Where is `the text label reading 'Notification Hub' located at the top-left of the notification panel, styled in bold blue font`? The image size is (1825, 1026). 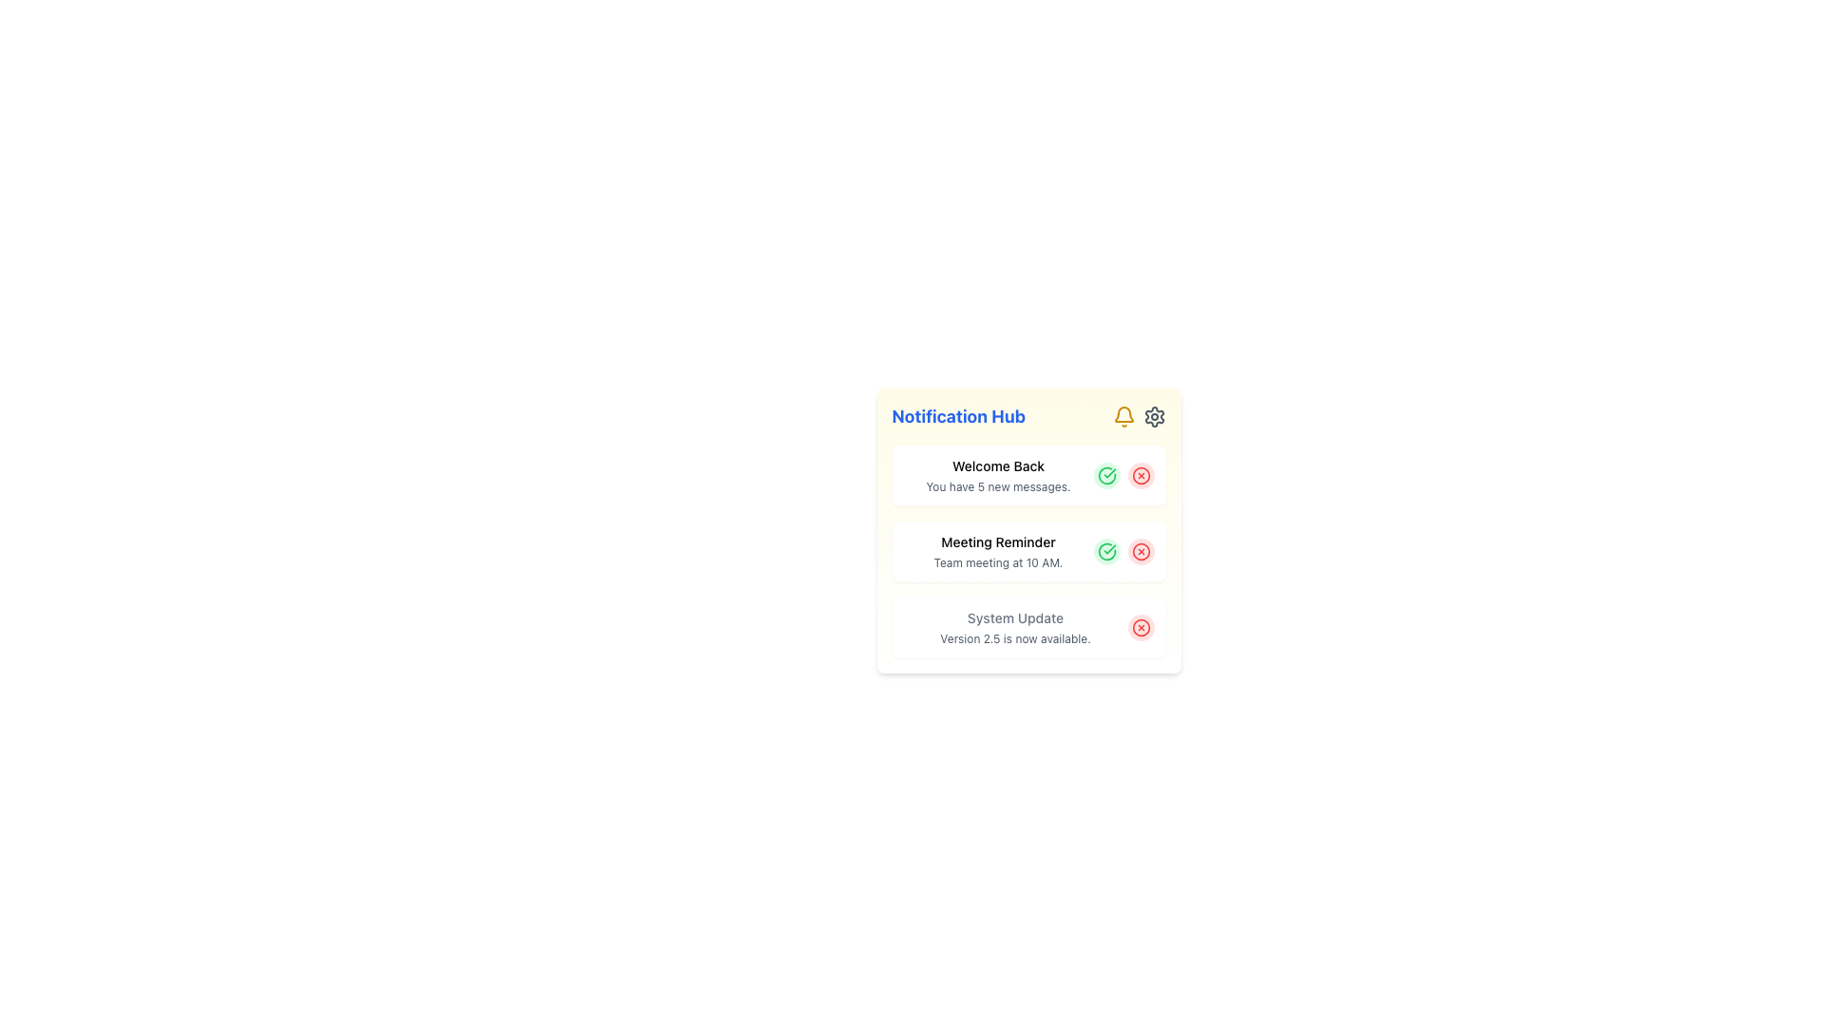
the text label reading 'Notification Hub' located at the top-left of the notification panel, styled in bold blue font is located at coordinates (958, 416).